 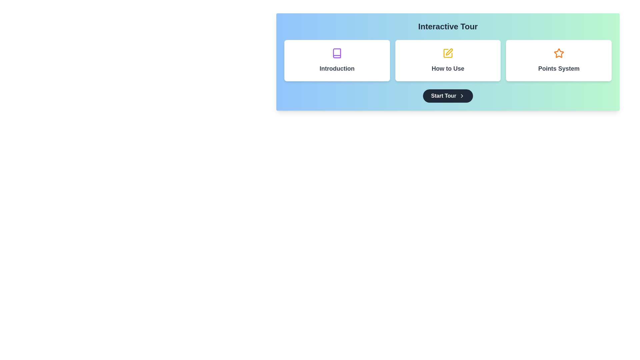 I want to click on the decorative icon representing the 'Introduction' card, located at the top-center of the card in the three-card row, so click(x=337, y=53).